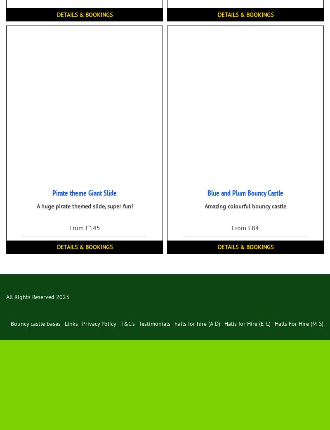 The width and height of the screenshot is (330, 430). Describe the element at coordinates (81, 323) in the screenshot. I see `'Privacy Policy'` at that location.